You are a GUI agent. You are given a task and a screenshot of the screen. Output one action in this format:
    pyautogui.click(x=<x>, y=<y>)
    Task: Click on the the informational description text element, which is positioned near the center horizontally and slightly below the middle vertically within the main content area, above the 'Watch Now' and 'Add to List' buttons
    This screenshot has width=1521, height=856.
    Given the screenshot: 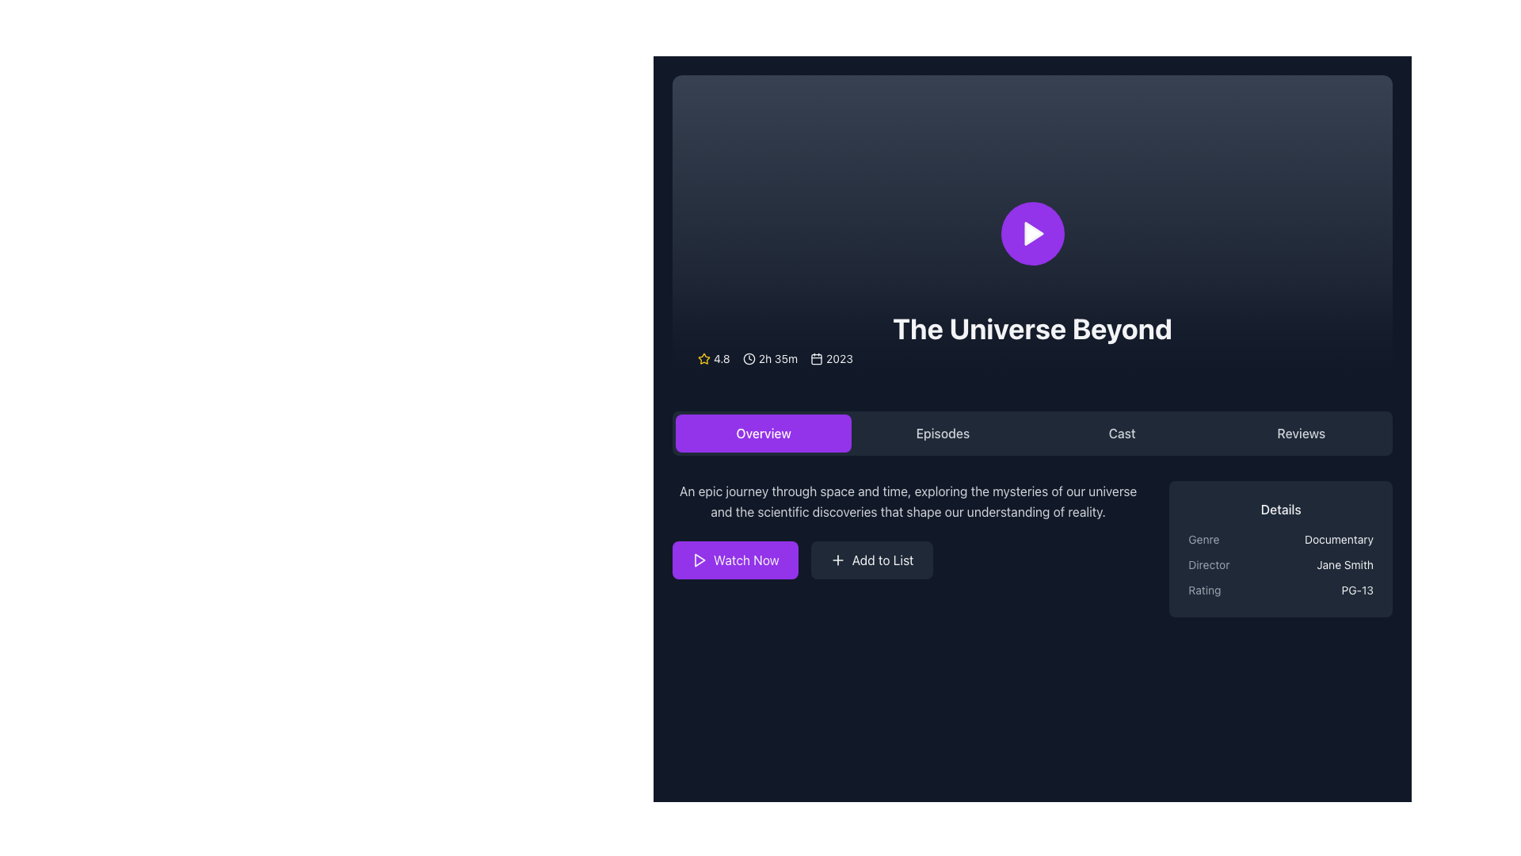 What is the action you would take?
    pyautogui.click(x=908, y=501)
    